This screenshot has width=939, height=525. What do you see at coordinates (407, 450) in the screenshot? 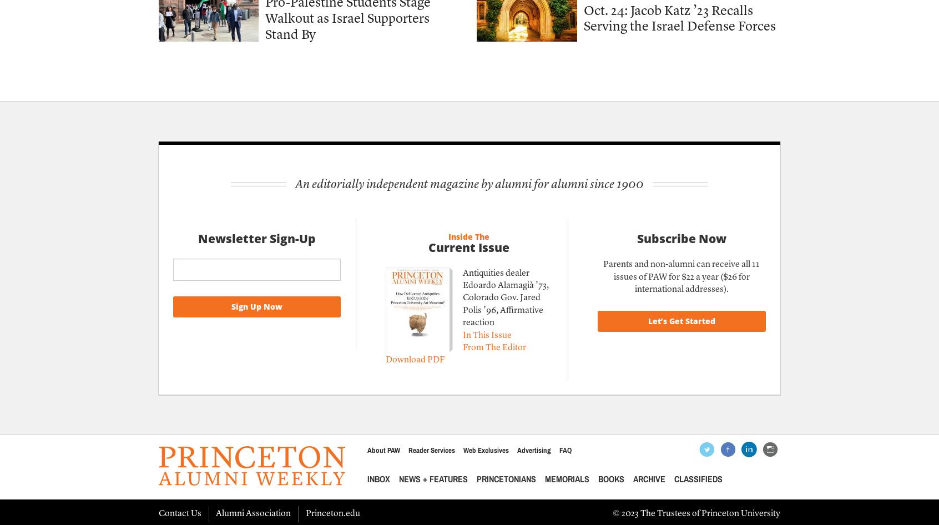
I see `'Reader Services'` at bounding box center [407, 450].